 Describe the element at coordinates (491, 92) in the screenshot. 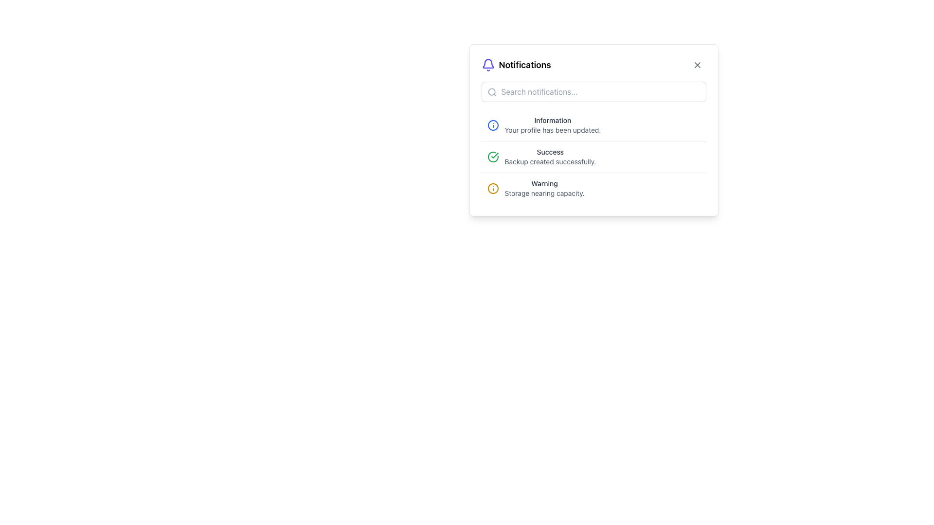

I see `the circular part of the magnifying glass icon located within the search input box at the top of the notification panel` at that location.